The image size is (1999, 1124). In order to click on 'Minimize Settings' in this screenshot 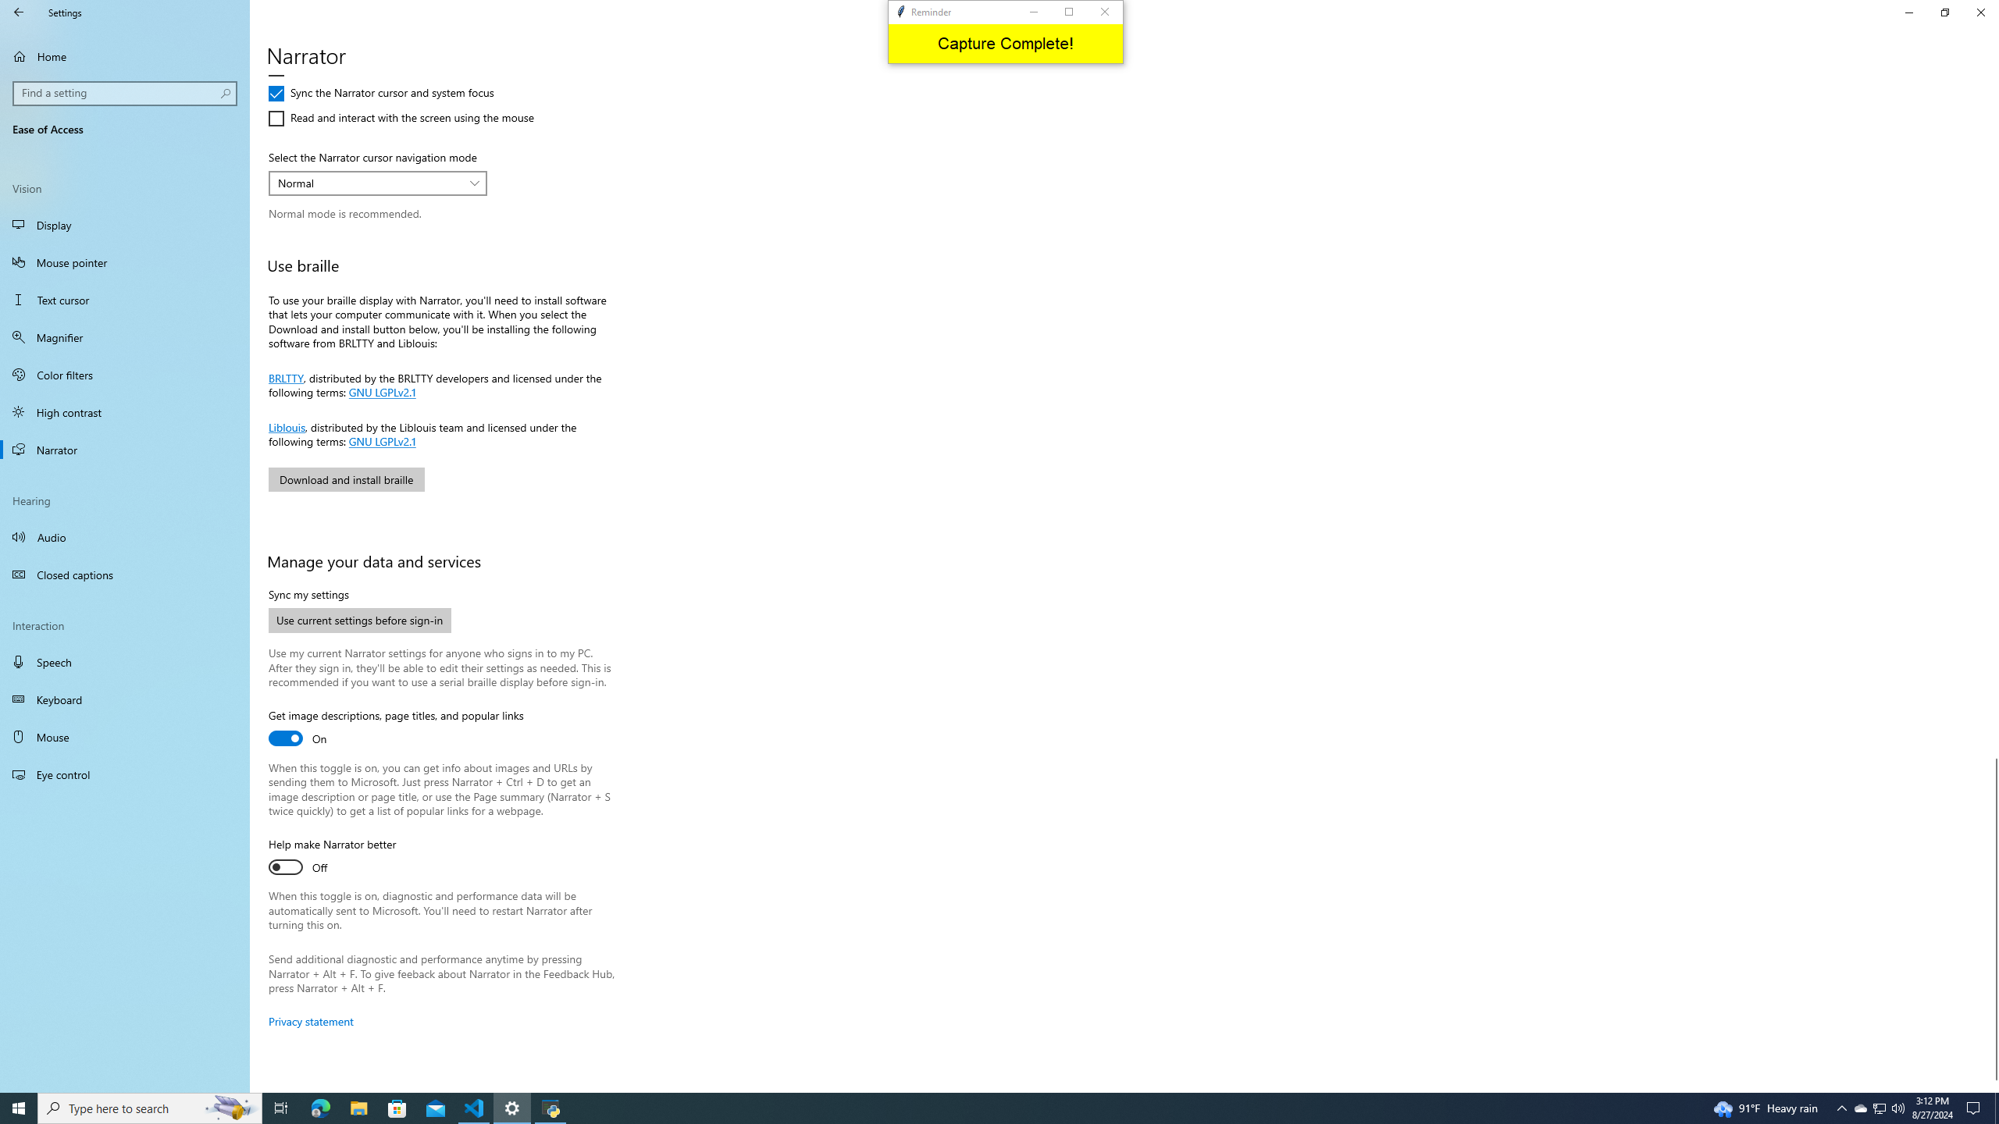, I will do `click(1908, 12)`.